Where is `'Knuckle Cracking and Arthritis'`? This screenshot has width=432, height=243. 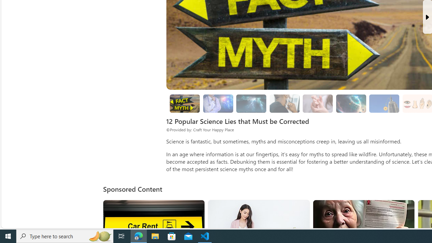 'Knuckle Cracking and Arthritis' is located at coordinates (318, 104).